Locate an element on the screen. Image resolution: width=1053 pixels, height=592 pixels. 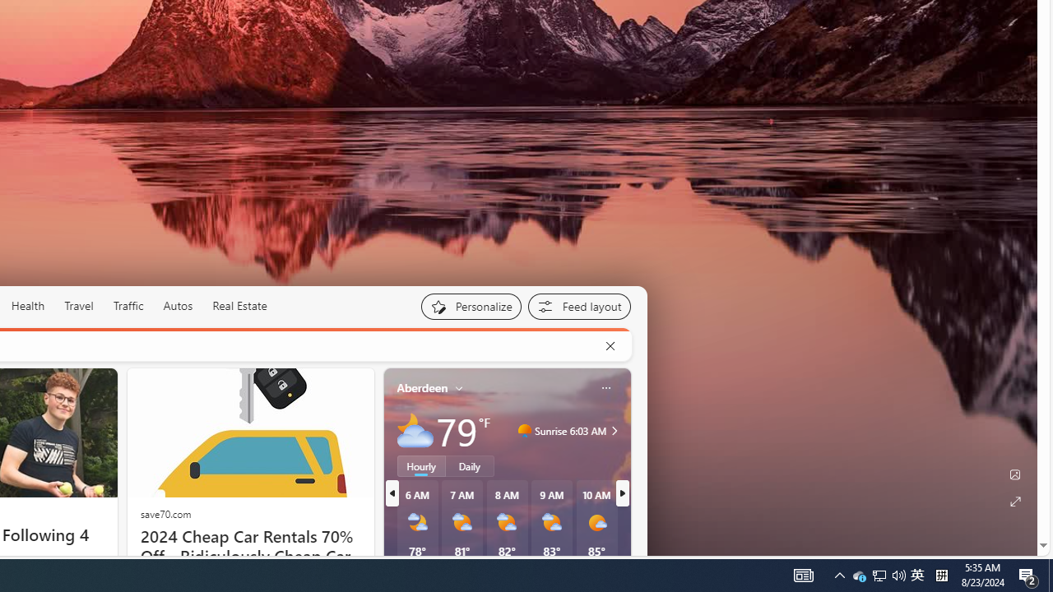
'Personalize your feed"' is located at coordinates (470, 306).